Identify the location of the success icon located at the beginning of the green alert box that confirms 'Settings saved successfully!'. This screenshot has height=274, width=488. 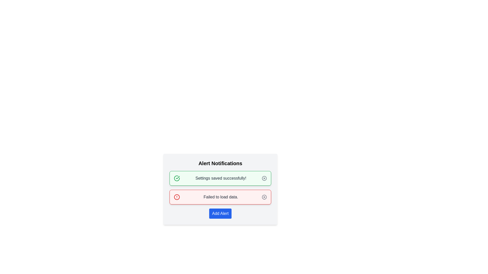
(177, 178).